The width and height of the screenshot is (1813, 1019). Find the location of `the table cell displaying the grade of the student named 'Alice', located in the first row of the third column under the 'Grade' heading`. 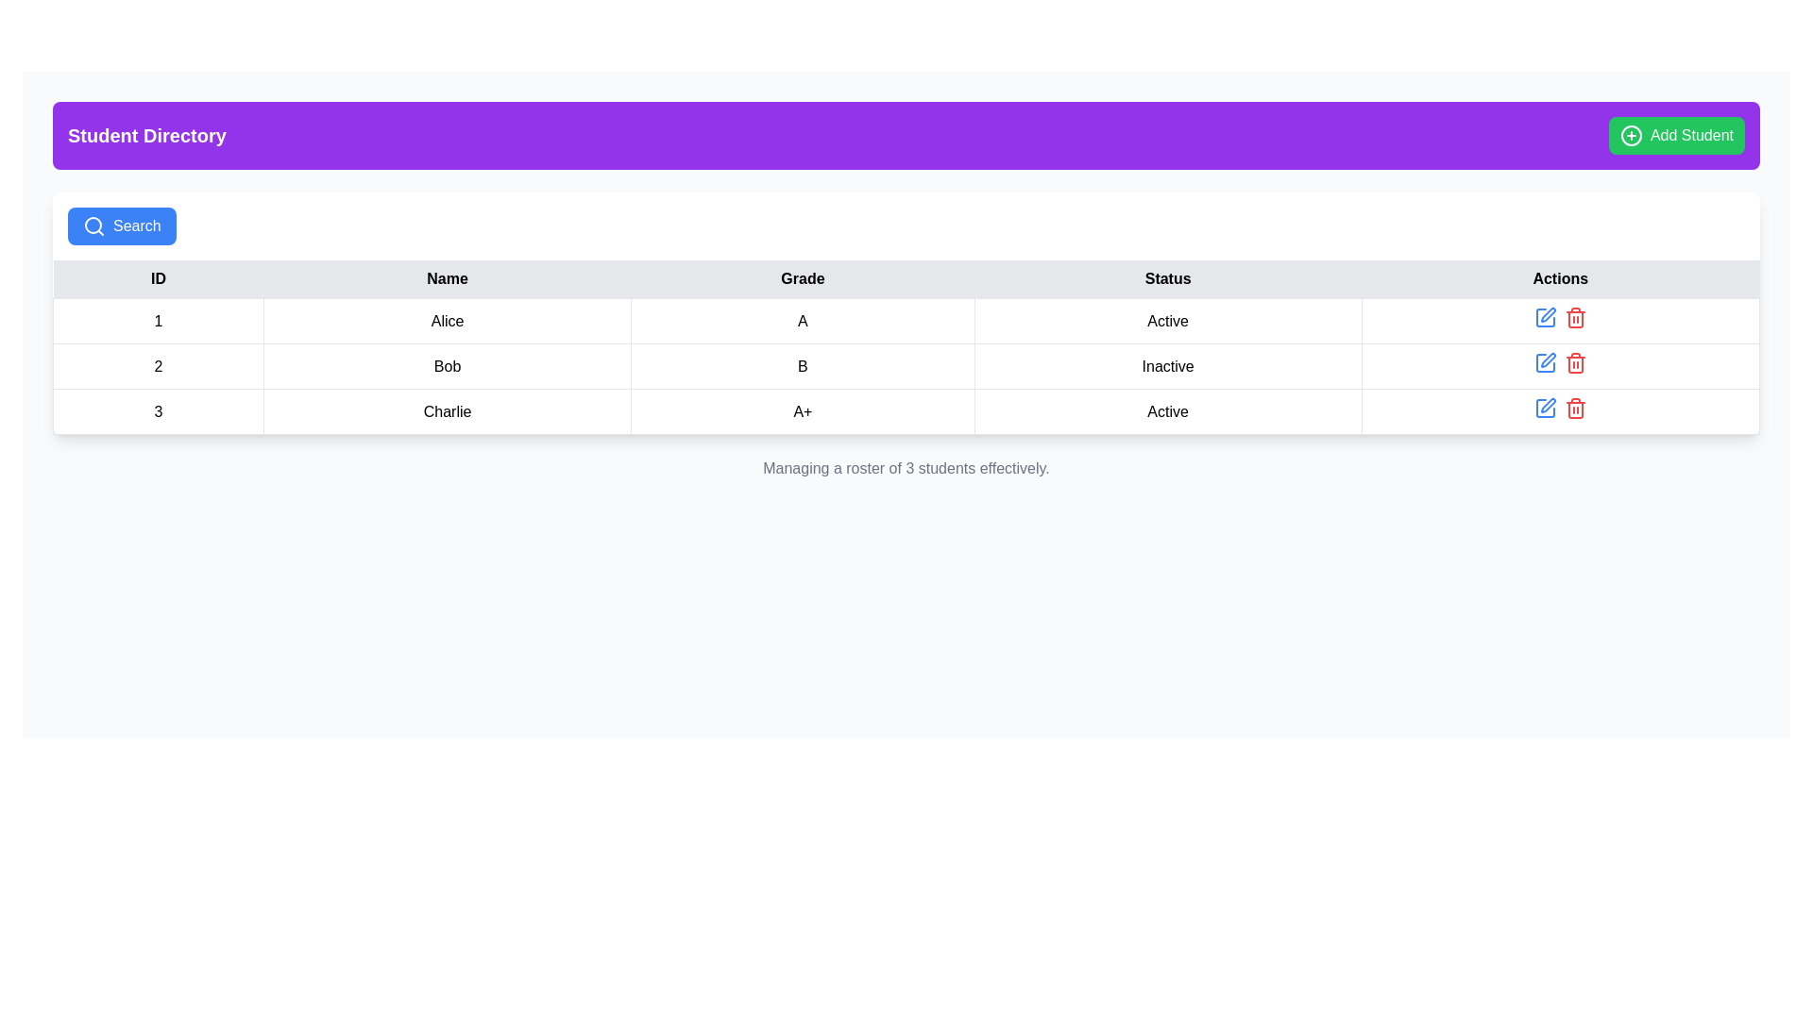

the table cell displaying the grade of the student named 'Alice', located in the first row of the third column under the 'Grade' heading is located at coordinates (803, 320).